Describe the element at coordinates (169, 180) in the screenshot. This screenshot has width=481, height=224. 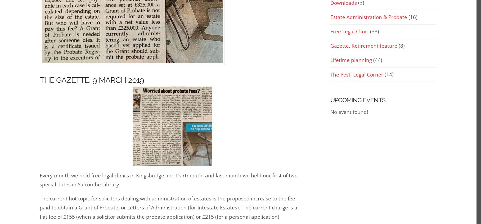
I see `'Every
month we hold free legal clinics in Kingsbridge and Dartmouth, and last month
we held our first of two special dates in Salcombe Library.'` at that location.